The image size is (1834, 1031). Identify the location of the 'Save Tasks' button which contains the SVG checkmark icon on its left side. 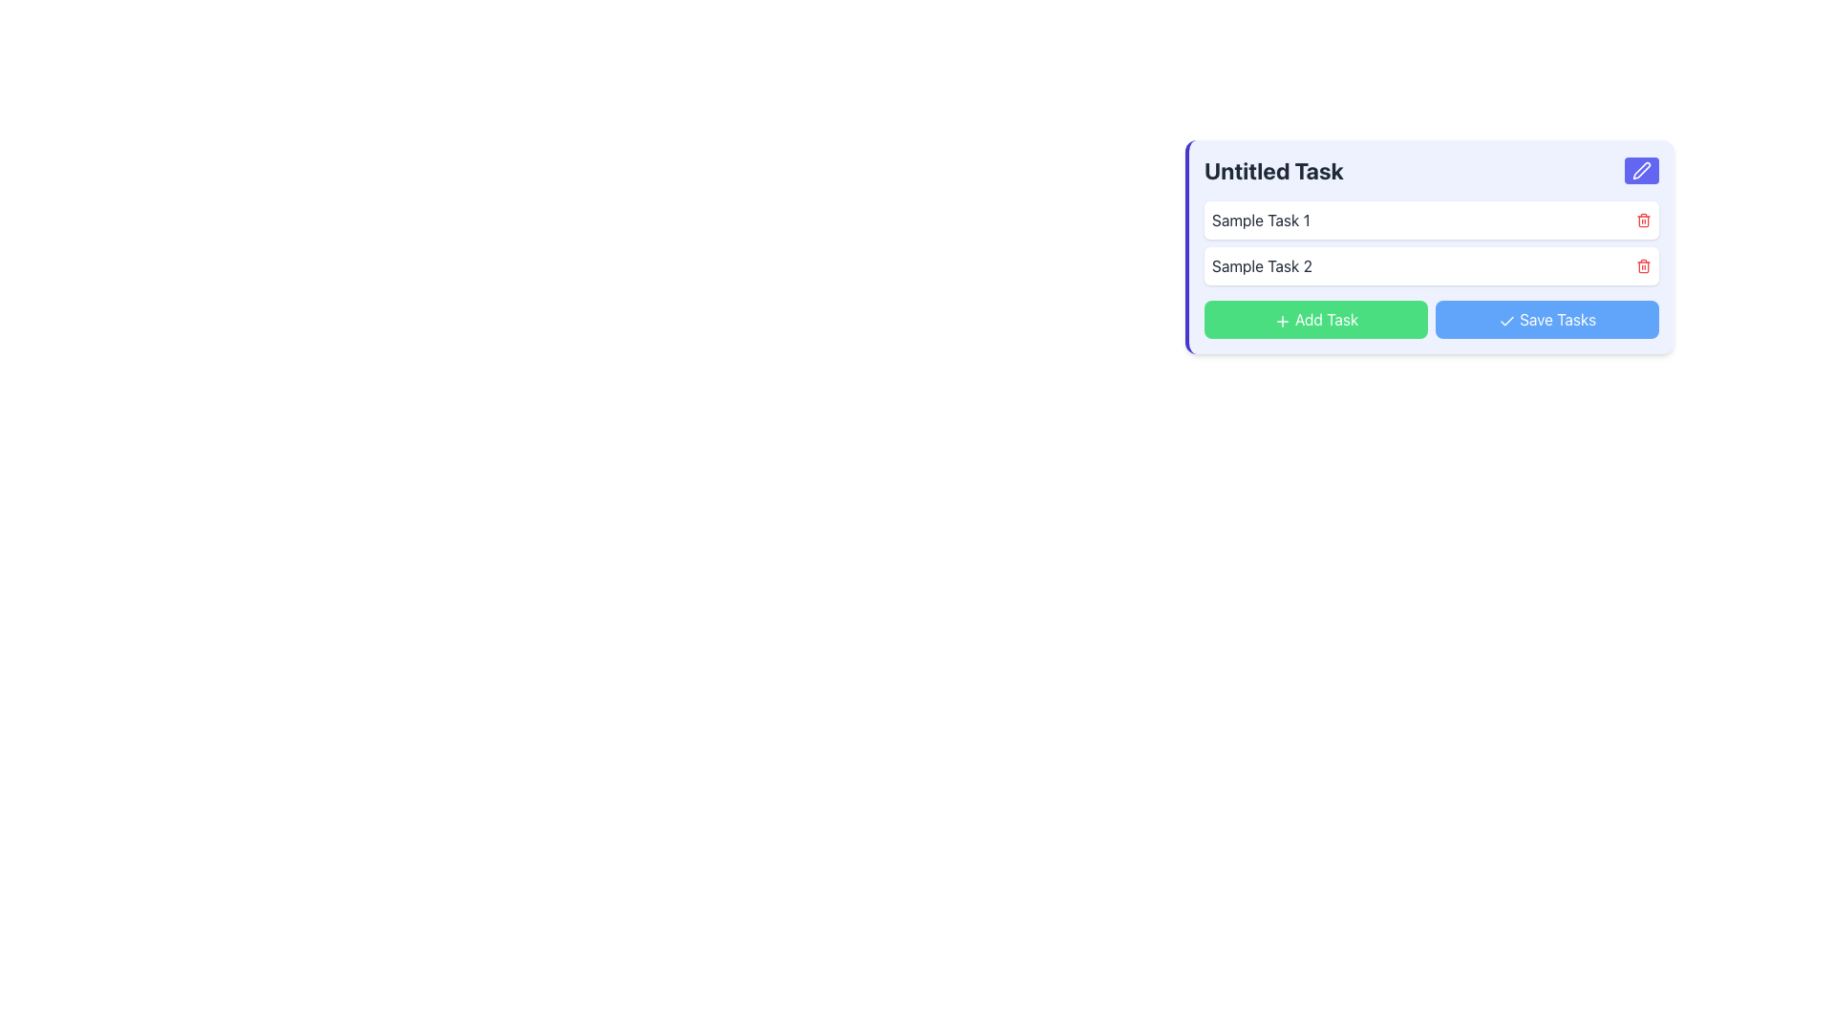
(1505, 320).